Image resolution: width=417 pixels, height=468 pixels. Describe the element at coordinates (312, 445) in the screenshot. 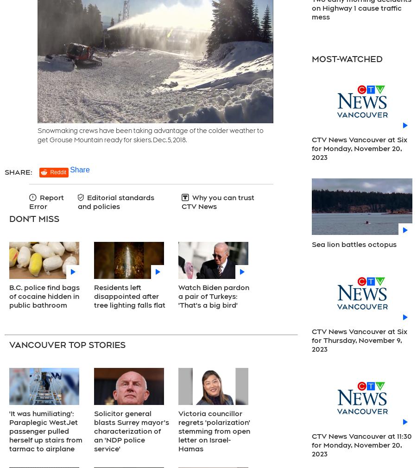

I see `'CTV News Vancouver at 11:30 for Monday, November 20, 2023'` at that location.